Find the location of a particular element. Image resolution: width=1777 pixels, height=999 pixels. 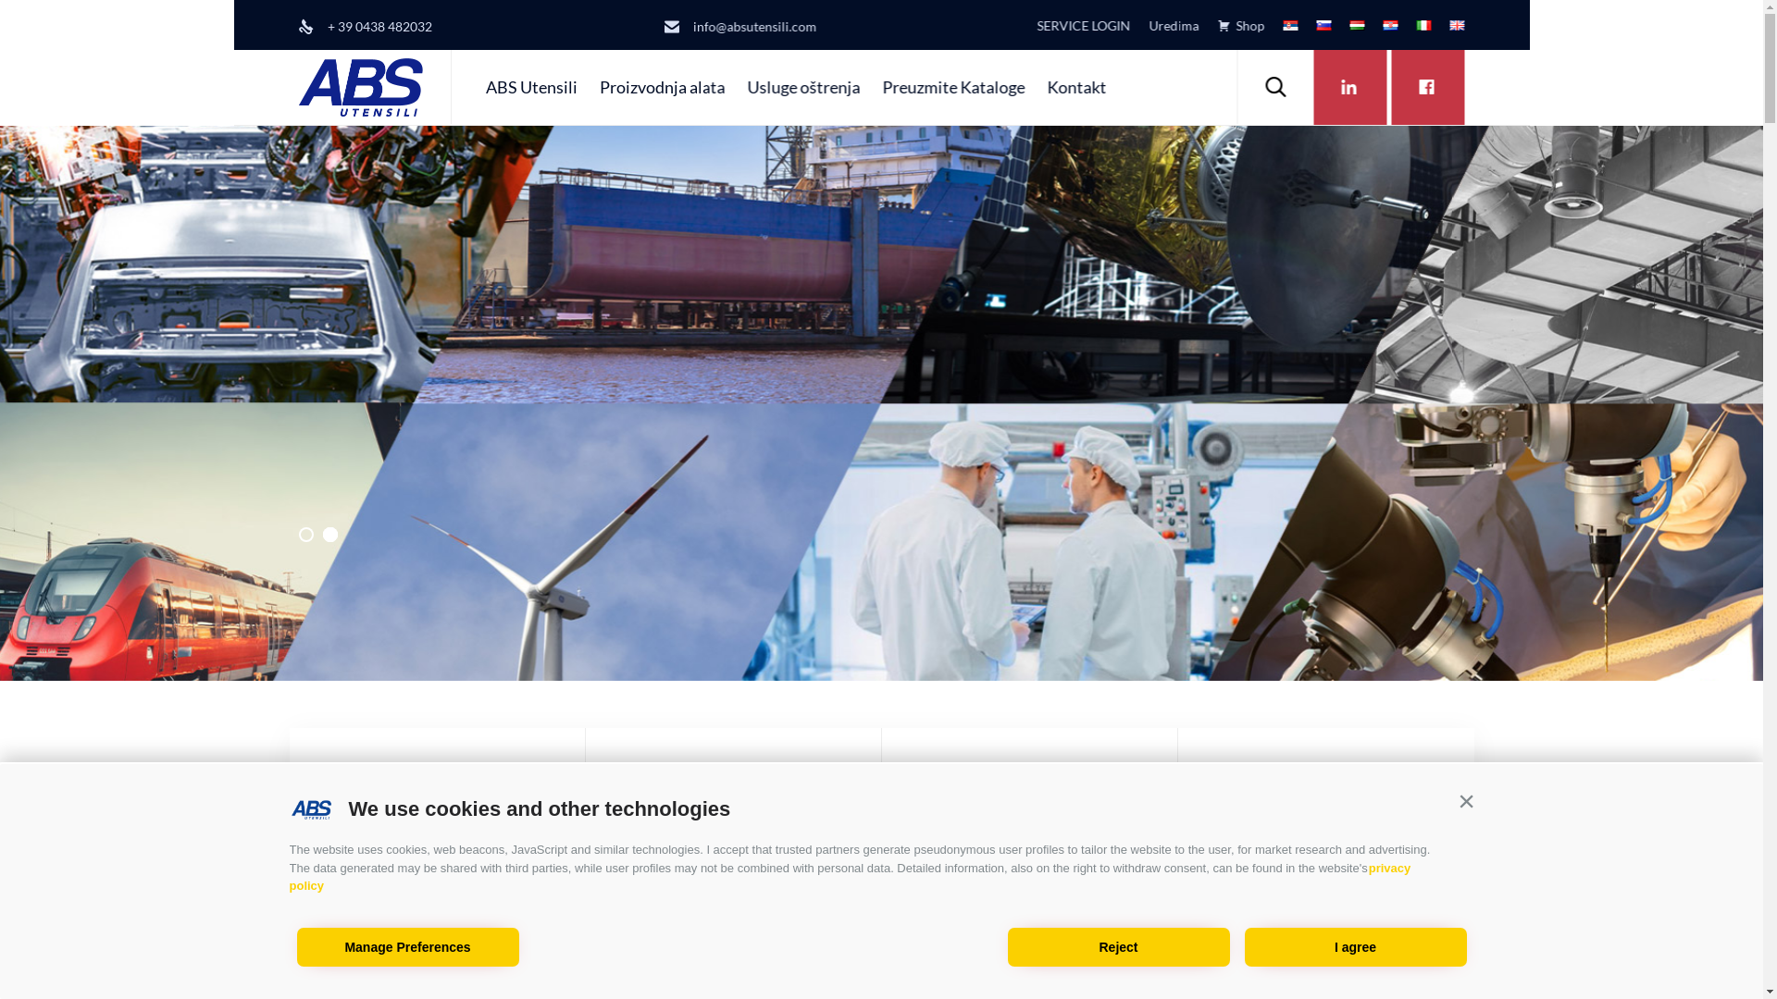

'Reject' is located at coordinates (1117, 946).